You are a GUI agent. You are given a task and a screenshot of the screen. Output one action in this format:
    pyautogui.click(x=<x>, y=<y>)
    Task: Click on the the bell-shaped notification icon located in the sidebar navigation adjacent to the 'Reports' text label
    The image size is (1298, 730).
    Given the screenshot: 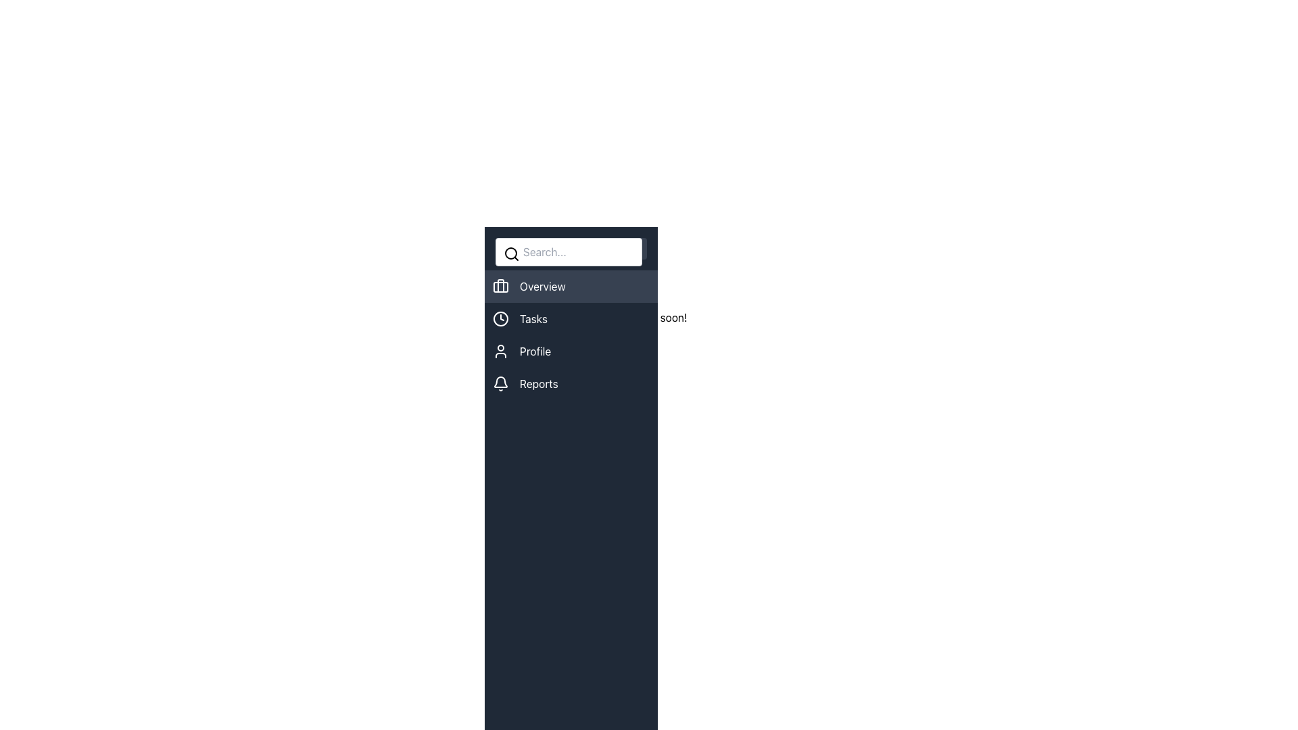 What is the action you would take?
    pyautogui.click(x=500, y=382)
    